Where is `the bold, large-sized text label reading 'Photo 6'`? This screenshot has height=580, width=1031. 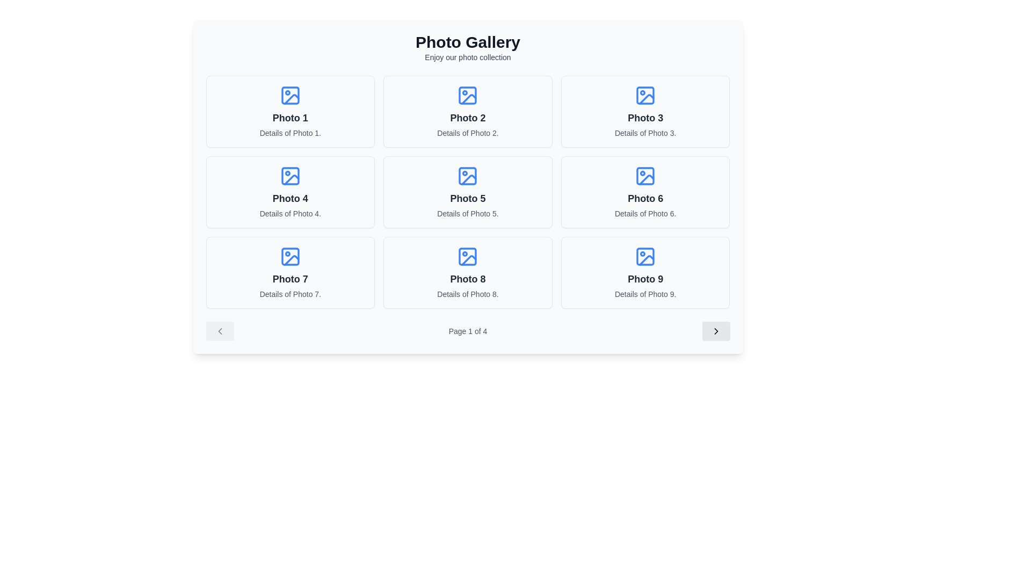
the bold, large-sized text label reading 'Photo 6' is located at coordinates (645, 199).